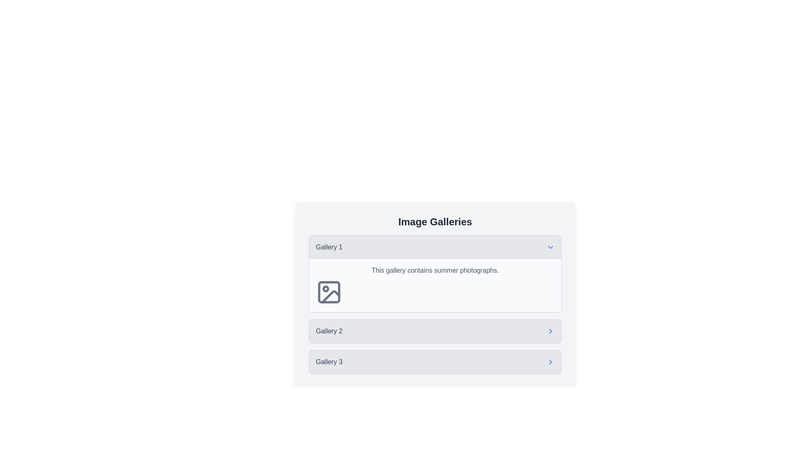 The image size is (799, 449). I want to click on the Icon background (SVG rectangle) element, which serves as a visual background for an image icon in 'Gallery 1', so click(329, 291).